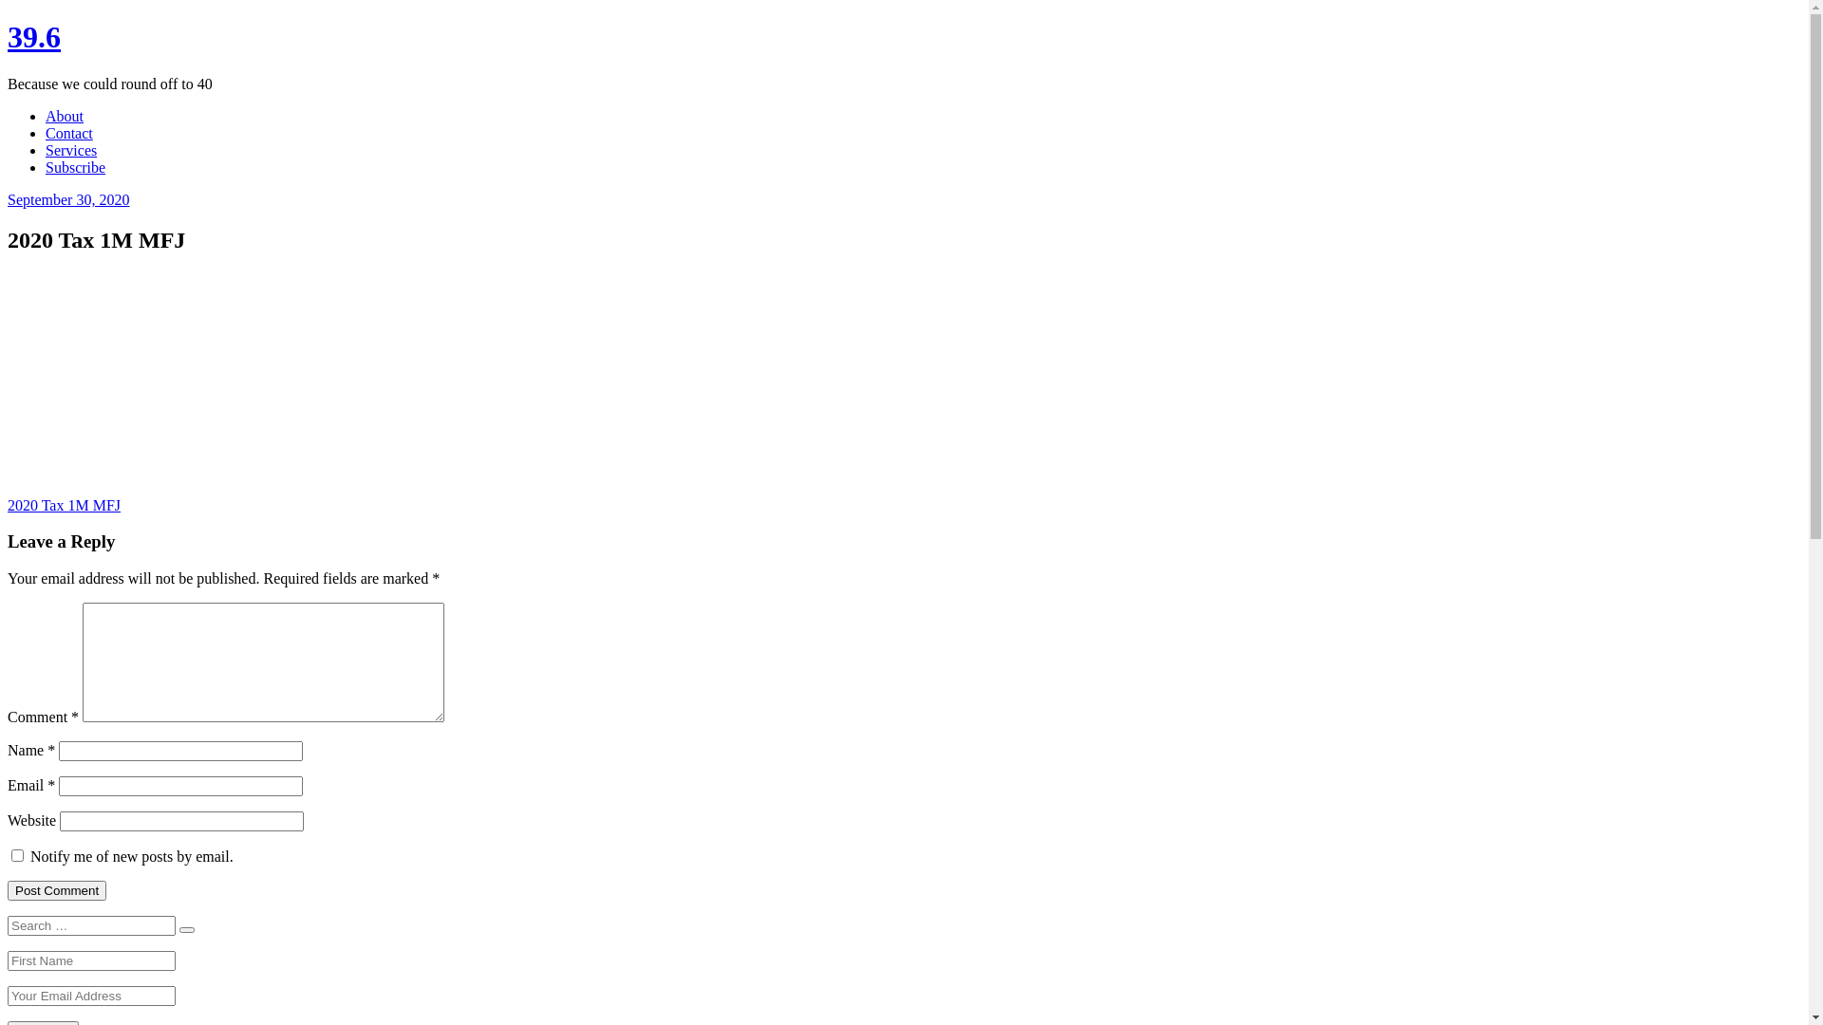 The width and height of the screenshot is (1823, 1025). Describe the element at coordinates (75, 166) in the screenshot. I see `'Subscribe'` at that location.